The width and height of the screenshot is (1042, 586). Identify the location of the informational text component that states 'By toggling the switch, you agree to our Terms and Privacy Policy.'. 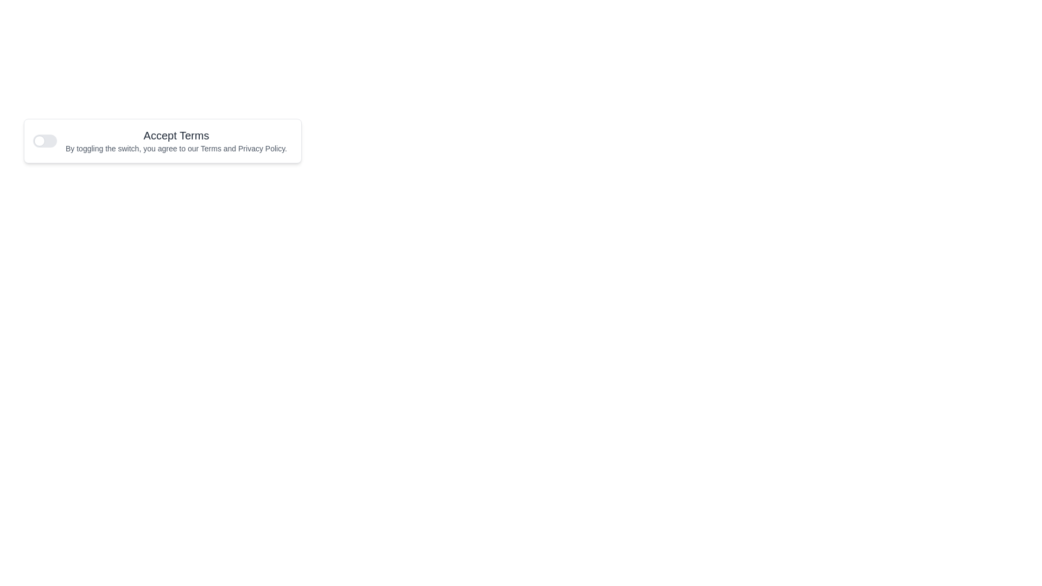
(176, 148).